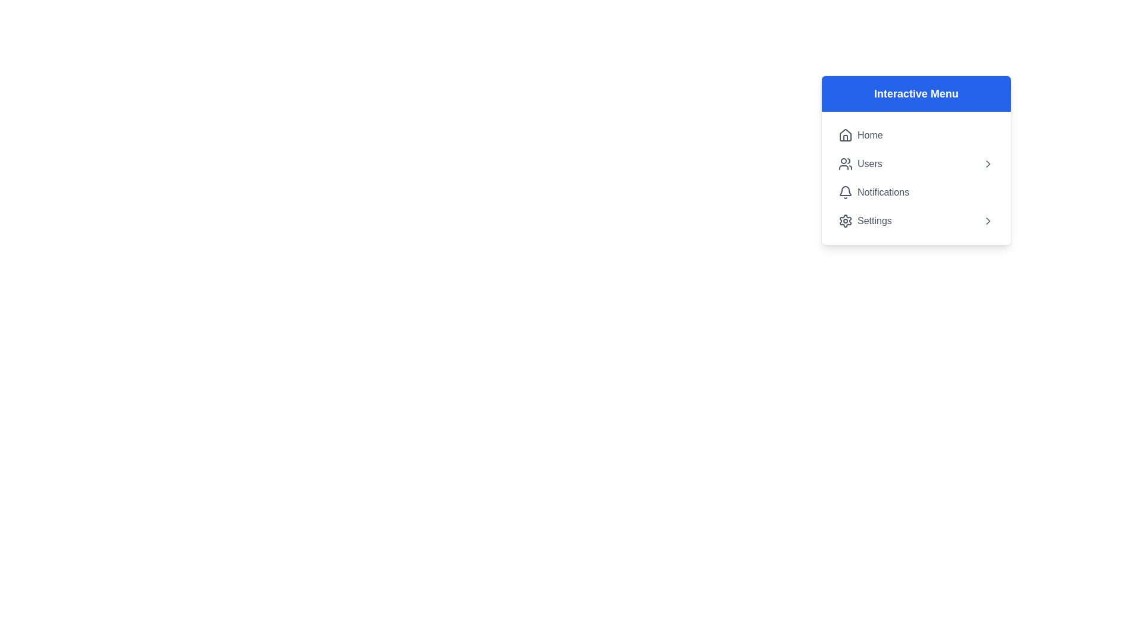  I want to click on the 'Users' navigation item in the menu, which is the second item following 'Home' and preceding 'Notifications', so click(915, 164).